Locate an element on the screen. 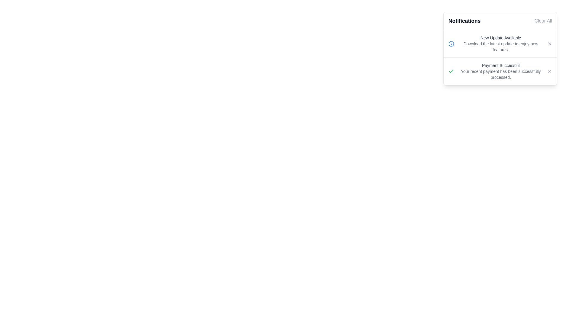 The width and height of the screenshot is (569, 320). the green checkmark icon located at the bottom-left of the 'Payment Successful' notification card is located at coordinates (451, 71).